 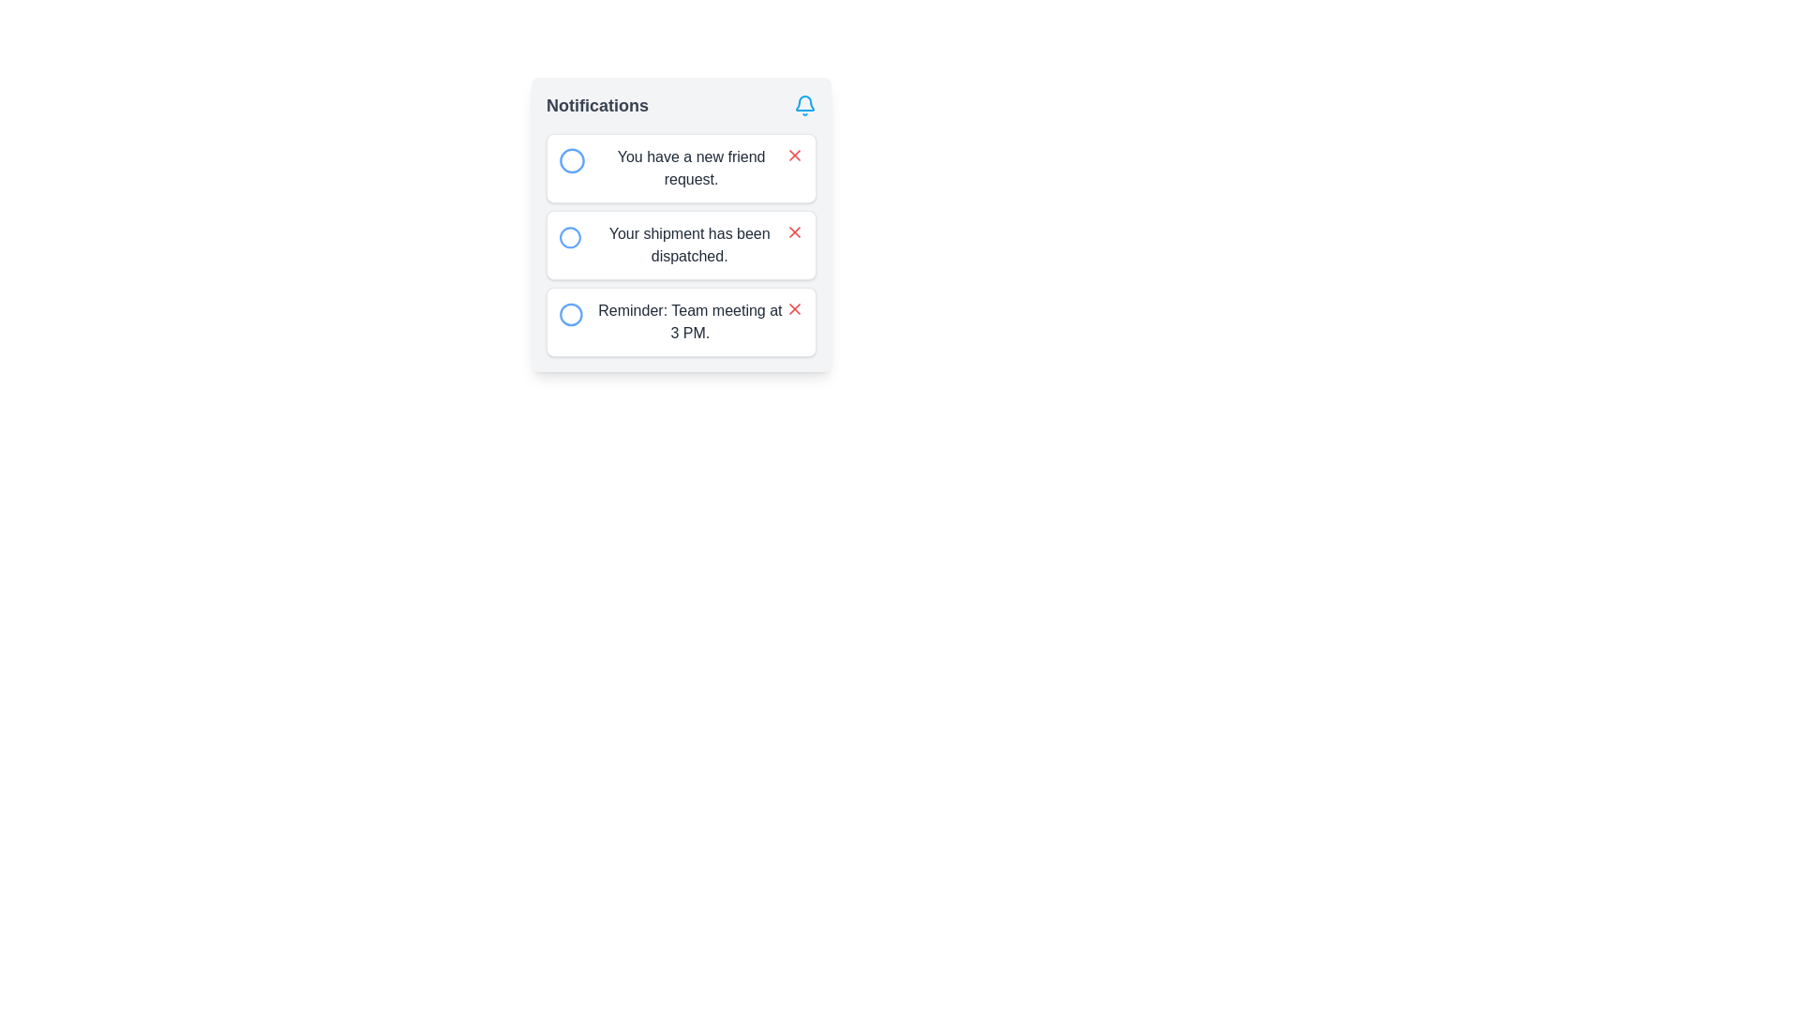 I want to click on reminder message displayed in the text content of the third notification card located towards the bottom of the notification panel, so click(x=689, y=320).